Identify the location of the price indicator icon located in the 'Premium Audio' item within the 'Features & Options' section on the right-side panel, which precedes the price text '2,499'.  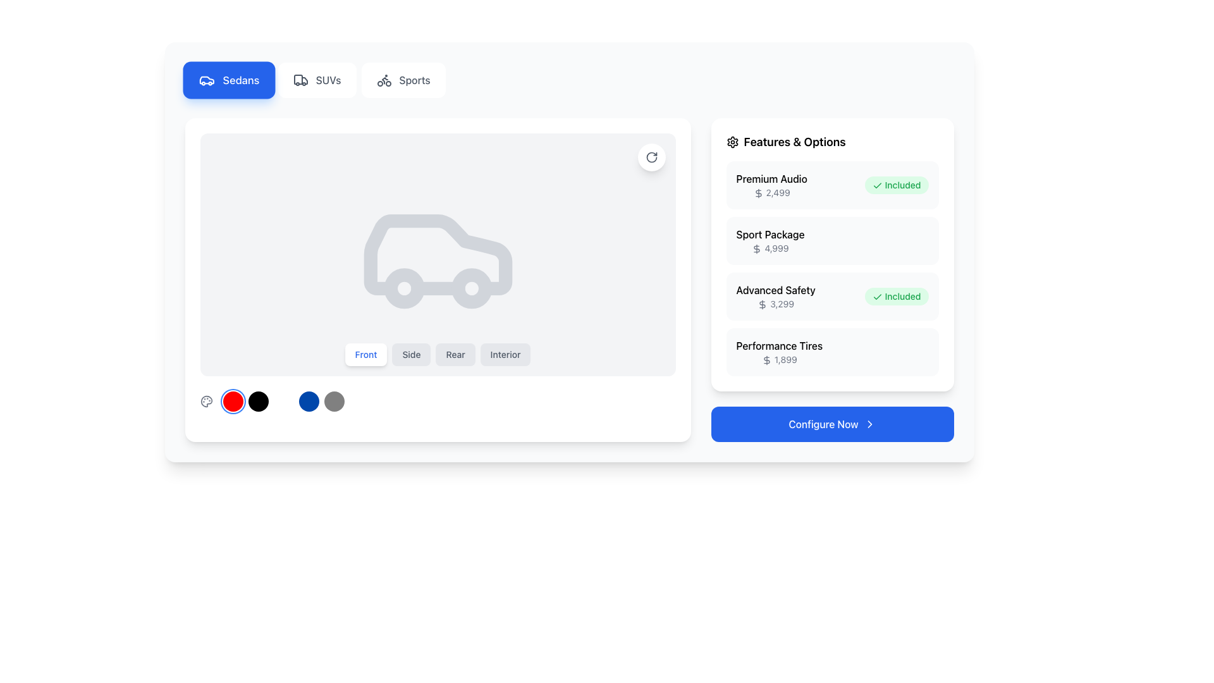
(758, 194).